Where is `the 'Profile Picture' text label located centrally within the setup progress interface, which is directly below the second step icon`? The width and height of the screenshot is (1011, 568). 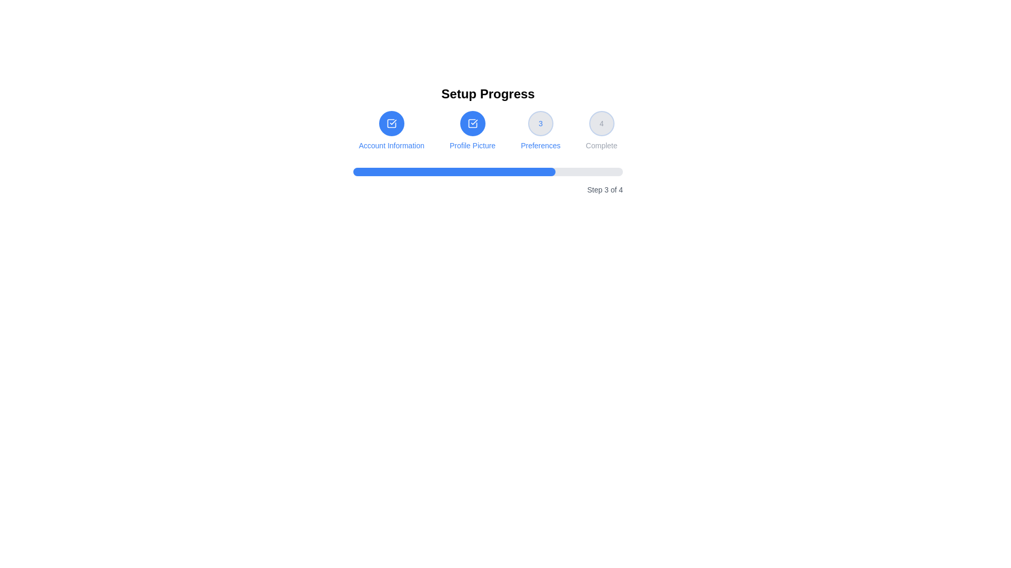 the 'Profile Picture' text label located centrally within the setup progress interface, which is directly below the second step icon is located at coordinates (472, 146).